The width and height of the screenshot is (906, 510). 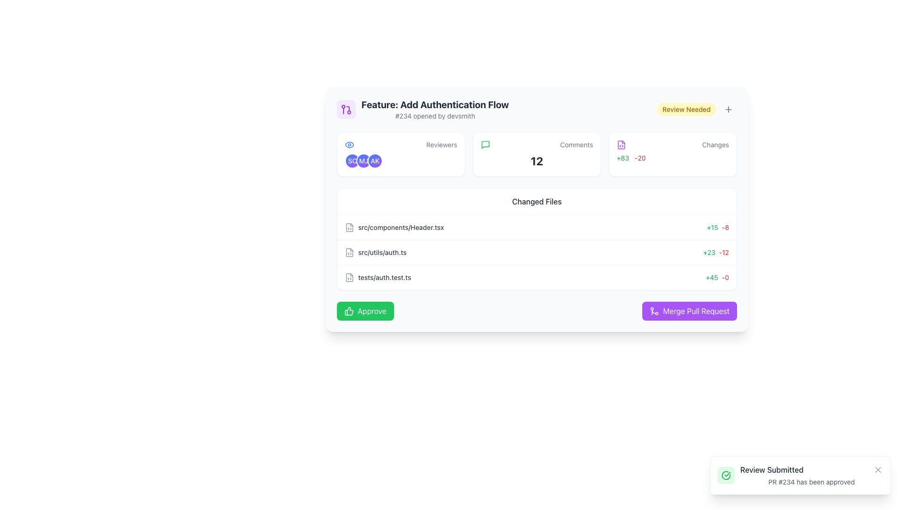 I want to click on the text label displaying information about issue #234 created by devsmith, which is centrally aligned below the heading 'Feature: Add Authentication Flow', so click(x=435, y=116).